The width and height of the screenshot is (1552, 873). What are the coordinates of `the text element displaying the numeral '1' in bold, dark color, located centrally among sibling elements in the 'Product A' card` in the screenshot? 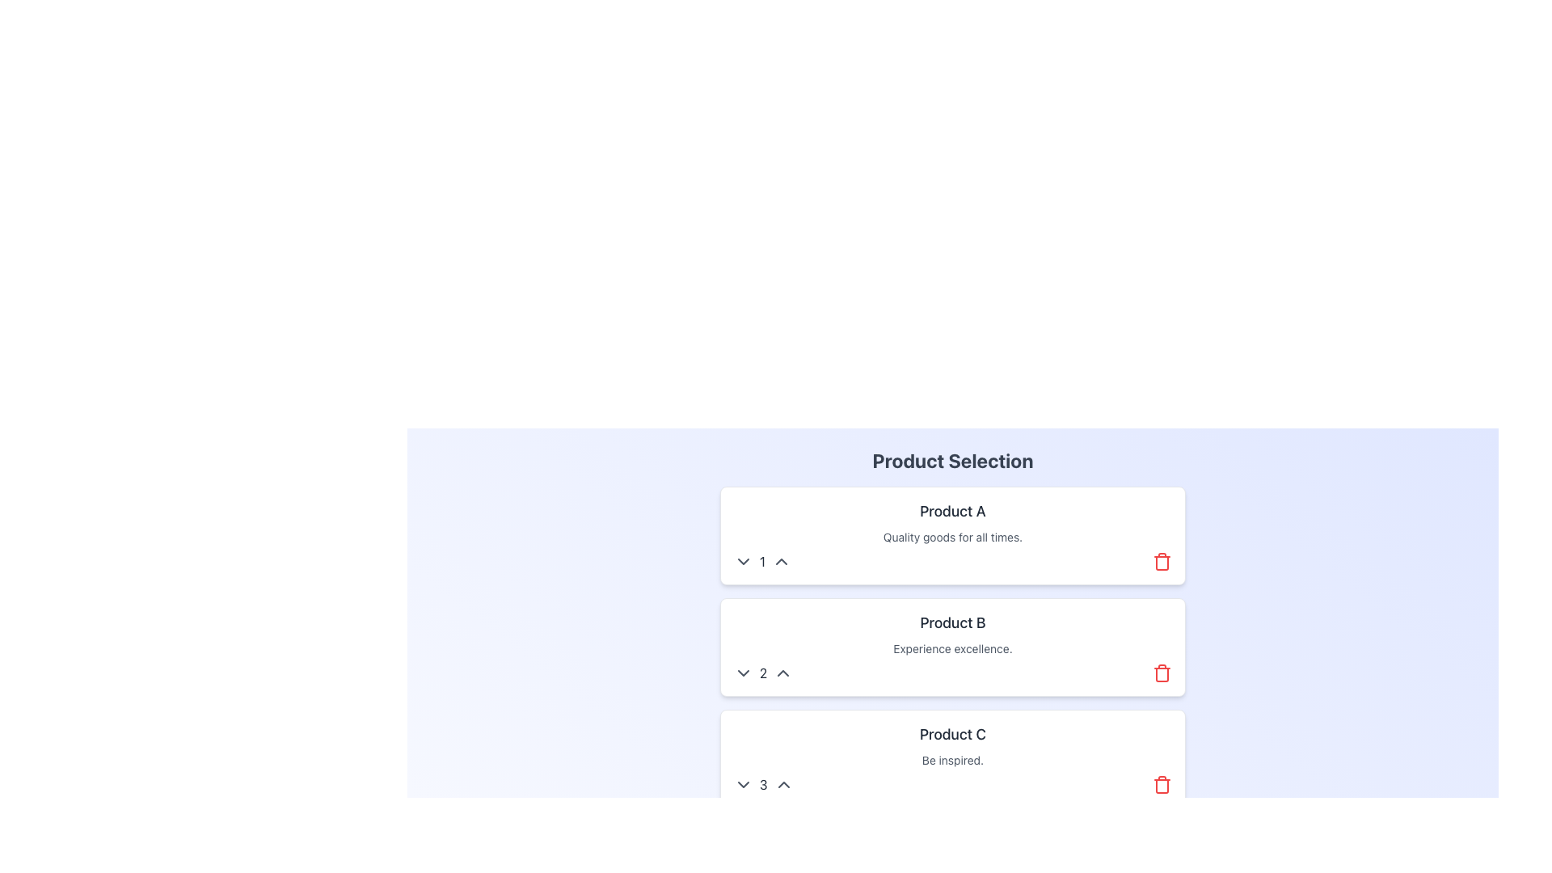 It's located at (761, 560).